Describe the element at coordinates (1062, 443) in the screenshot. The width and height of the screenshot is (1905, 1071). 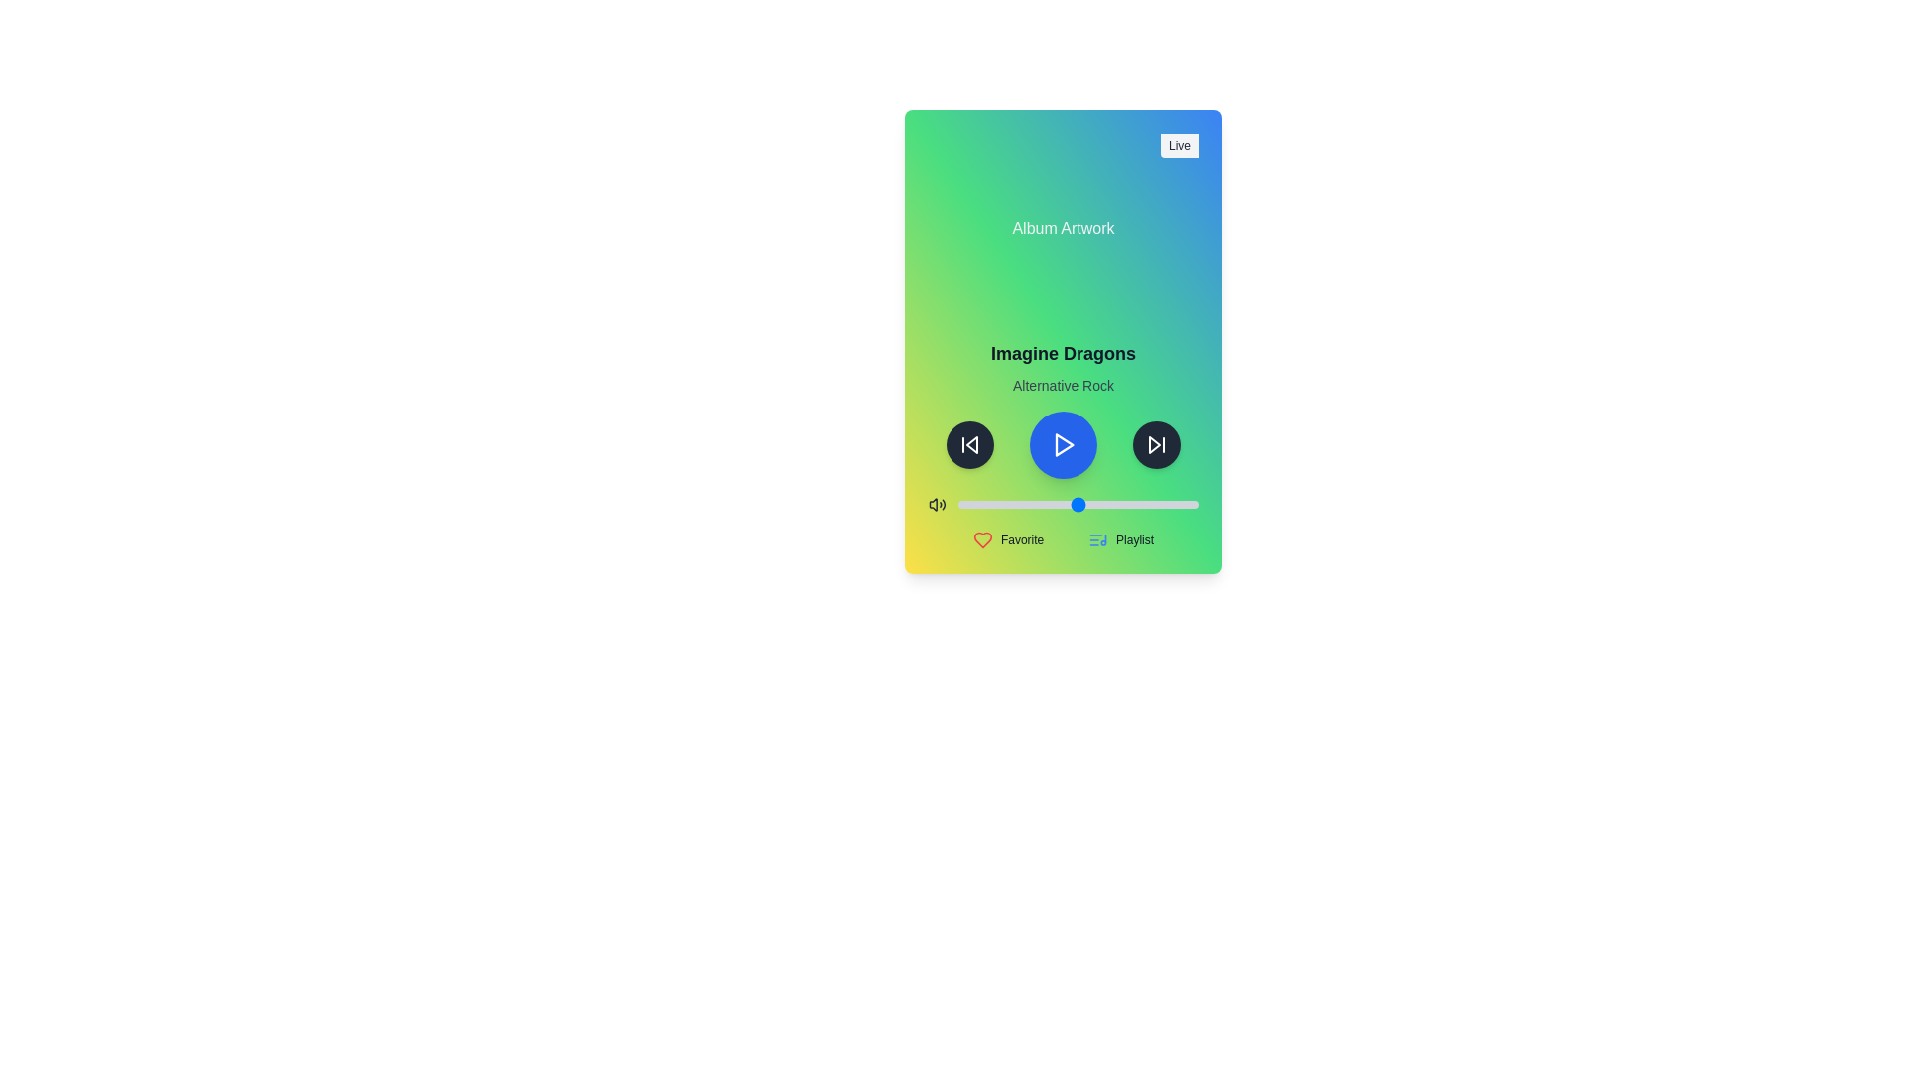
I see `the triangular play icon with a white outline on a blue circular background, located at the bottom-center section of the card` at that location.